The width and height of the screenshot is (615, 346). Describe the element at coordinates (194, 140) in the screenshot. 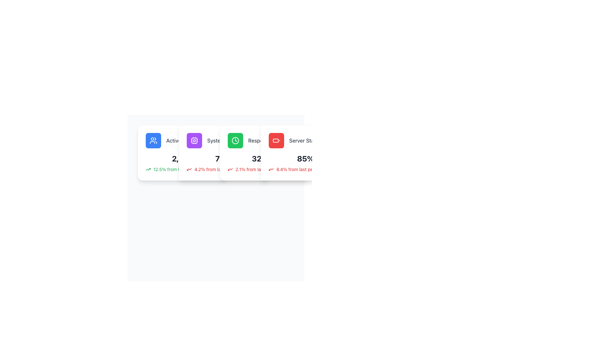

I see `the appearance of the purple rounded square Icon Button featuring a white computer chip icon, positioned centrally to the left of the 'System Load' label` at that location.